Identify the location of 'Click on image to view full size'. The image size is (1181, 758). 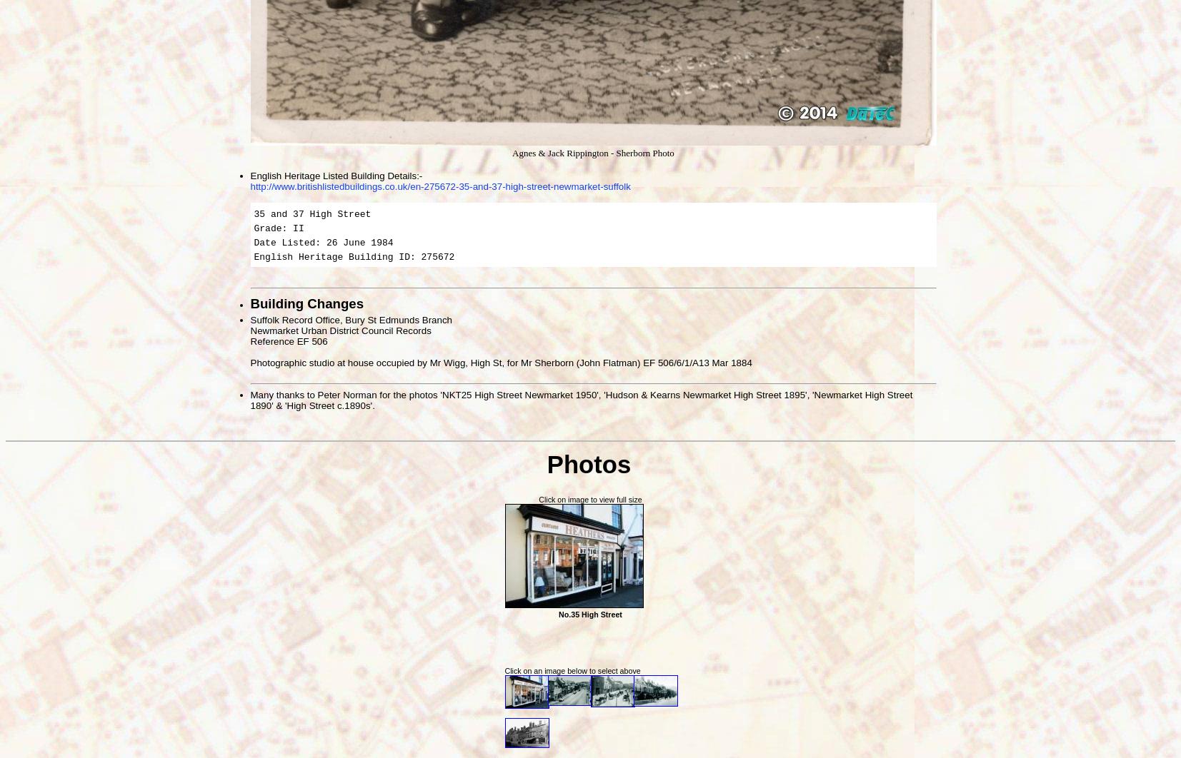
(589, 499).